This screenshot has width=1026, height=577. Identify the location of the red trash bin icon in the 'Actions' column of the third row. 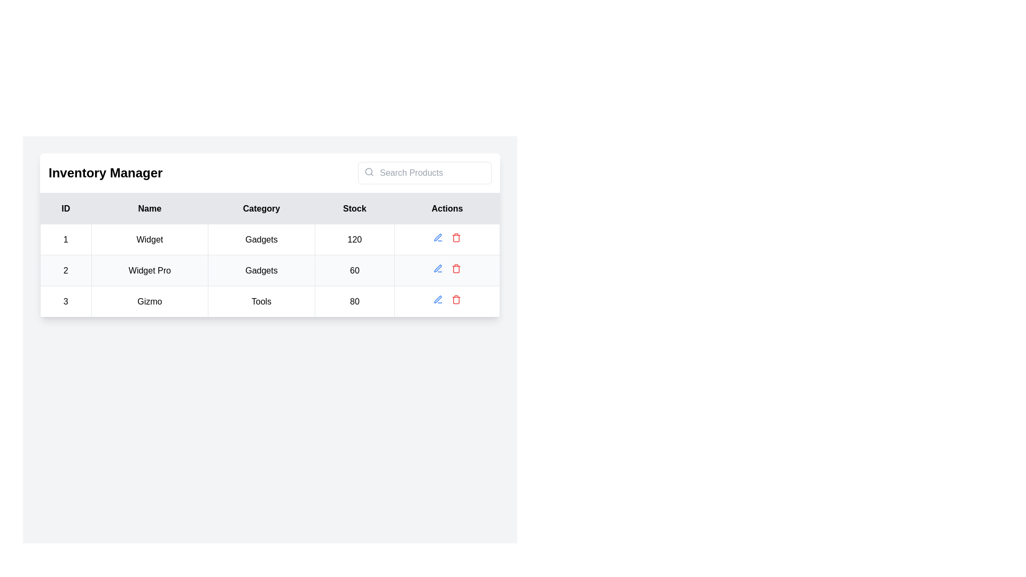
(456, 299).